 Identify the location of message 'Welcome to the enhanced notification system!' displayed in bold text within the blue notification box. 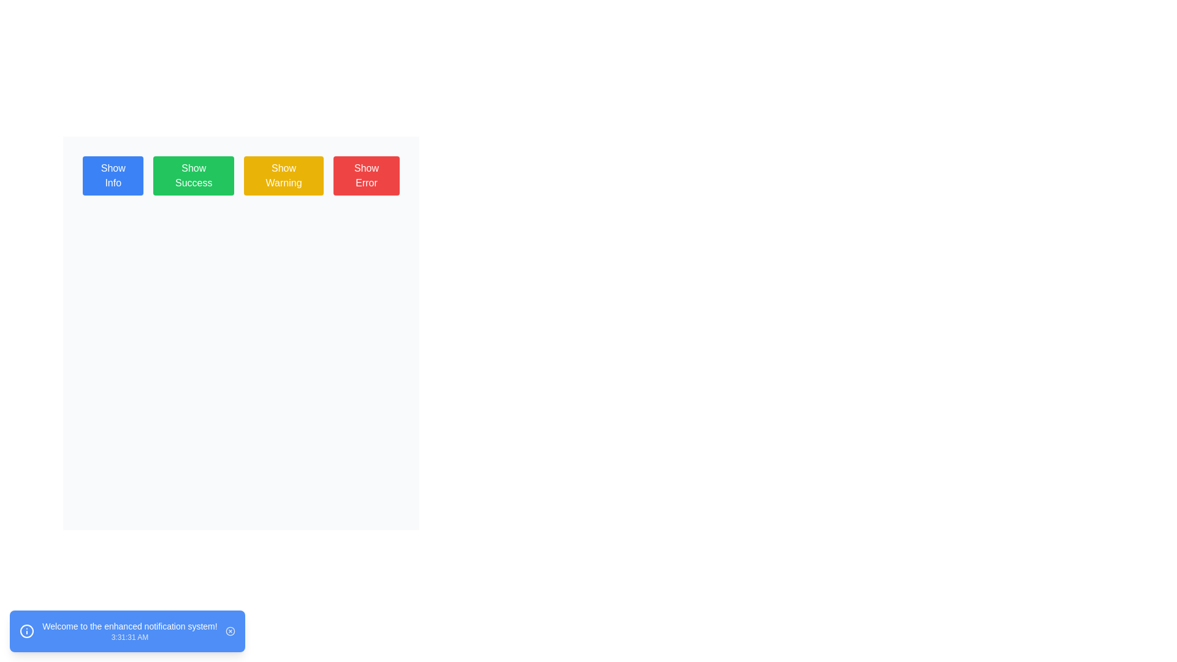
(129, 626).